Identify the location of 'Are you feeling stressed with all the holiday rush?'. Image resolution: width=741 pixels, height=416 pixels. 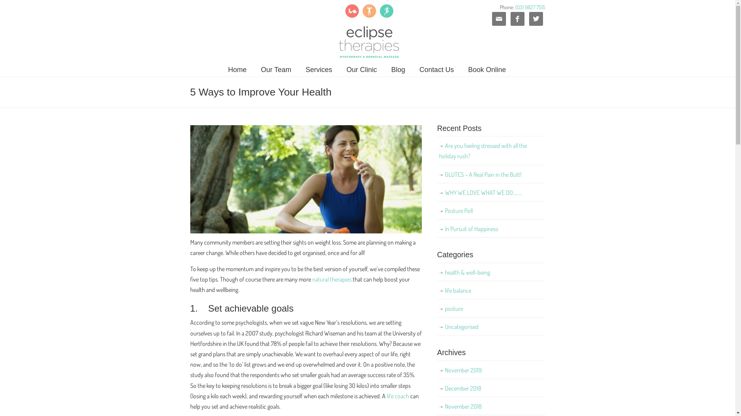
(491, 151).